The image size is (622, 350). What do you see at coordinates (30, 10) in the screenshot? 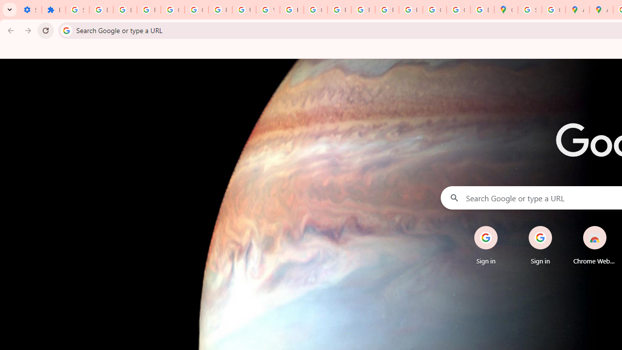
I see `'Settings - On startup'` at bounding box center [30, 10].